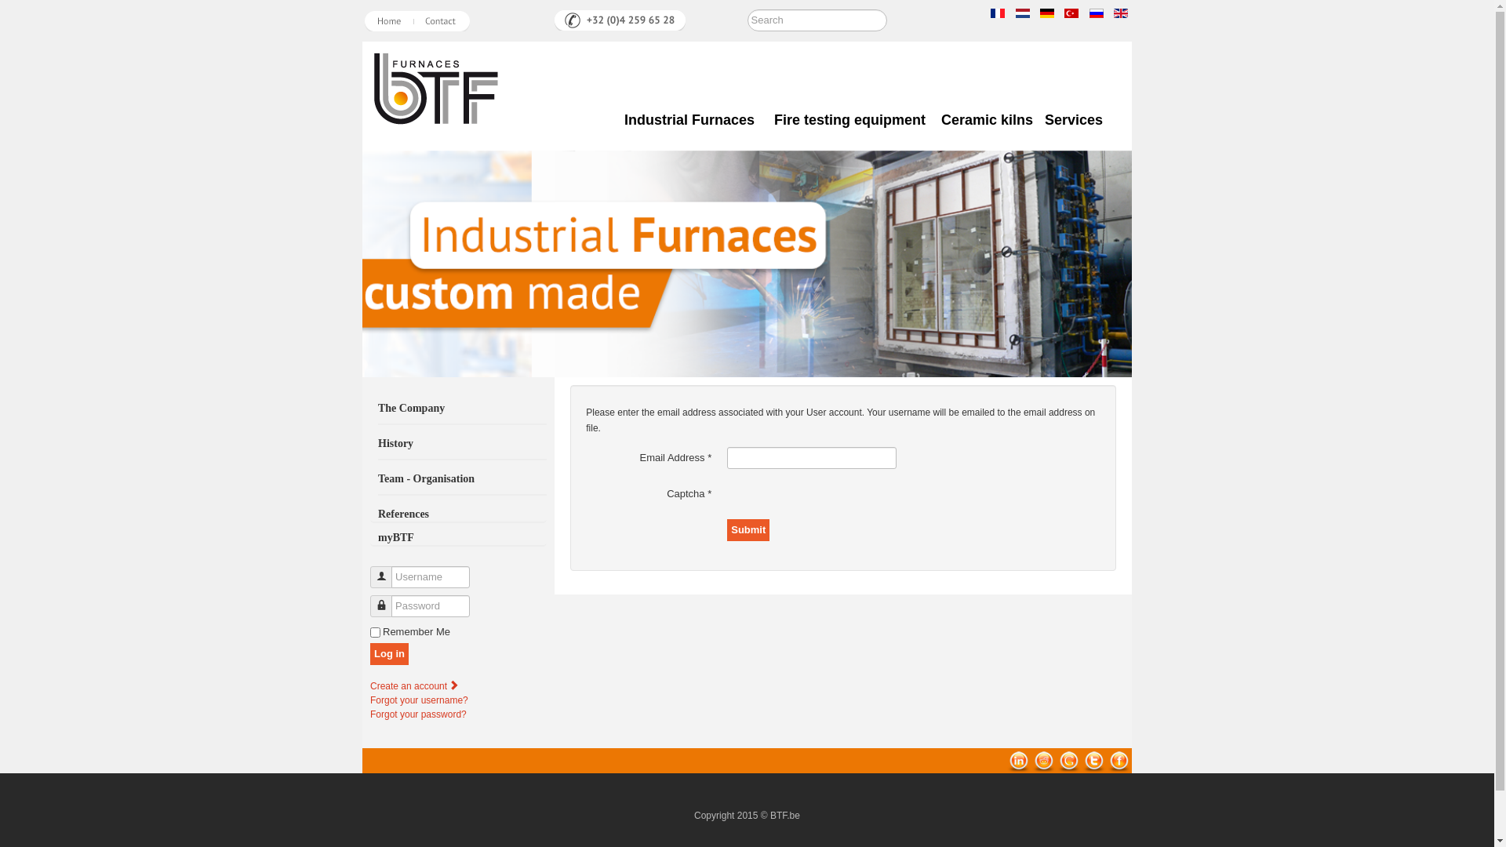 This screenshot has height=847, width=1506. What do you see at coordinates (692, 119) in the screenshot?
I see `'Industrial Furnaces'` at bounding box center [692, 119].